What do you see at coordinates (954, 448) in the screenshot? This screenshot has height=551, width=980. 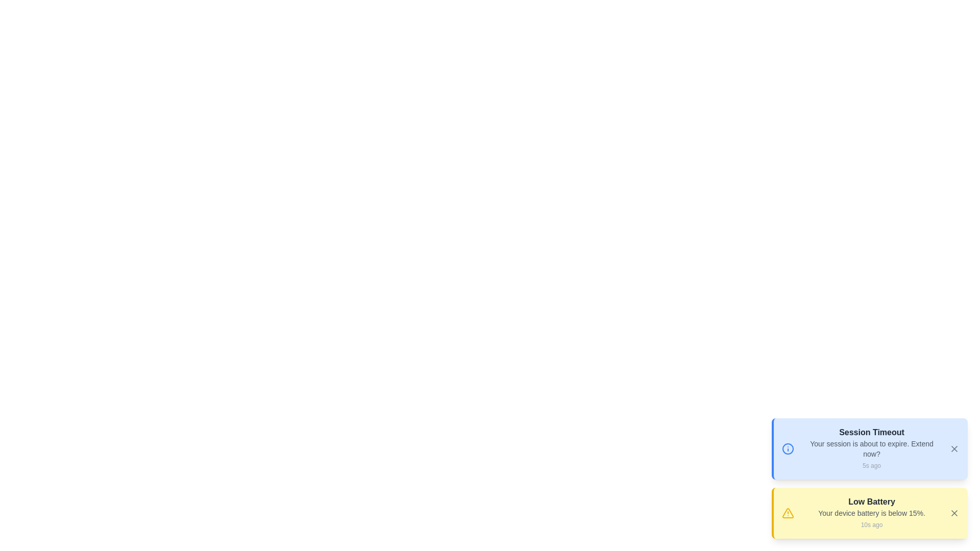 I see `the close button of the notification with title Session Timeout` at bounding box center [954, 448].